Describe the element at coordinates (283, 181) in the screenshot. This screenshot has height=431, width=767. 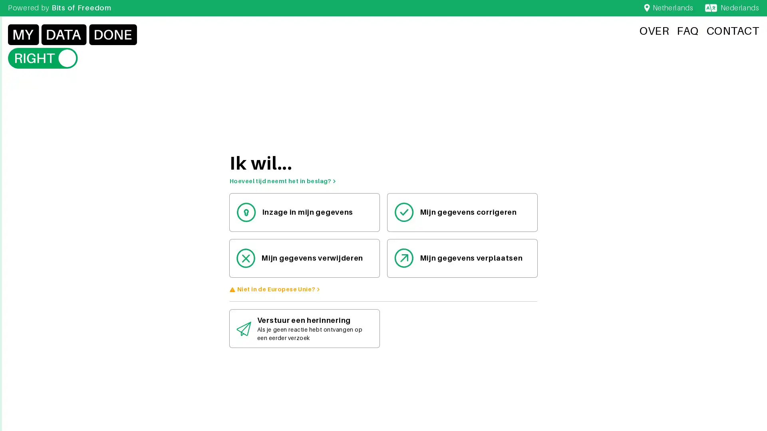
I see `Hoeveel tijd neemt het in beslag?` at that location.